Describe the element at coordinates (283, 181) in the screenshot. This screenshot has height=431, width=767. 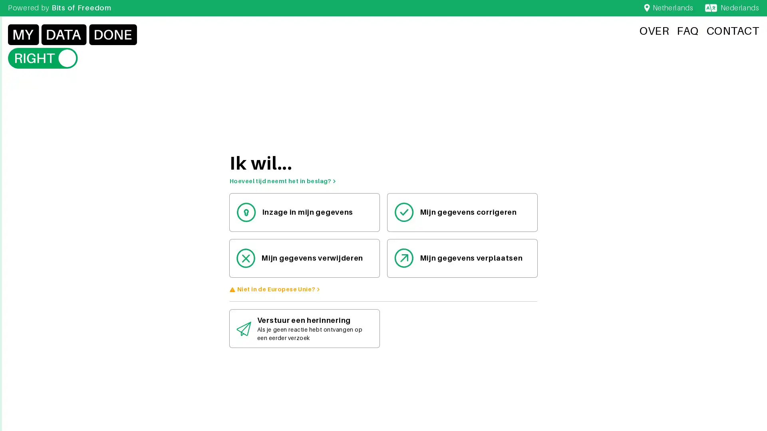
I see `Hoeveel tijd neemt het in beslag?` at that location.